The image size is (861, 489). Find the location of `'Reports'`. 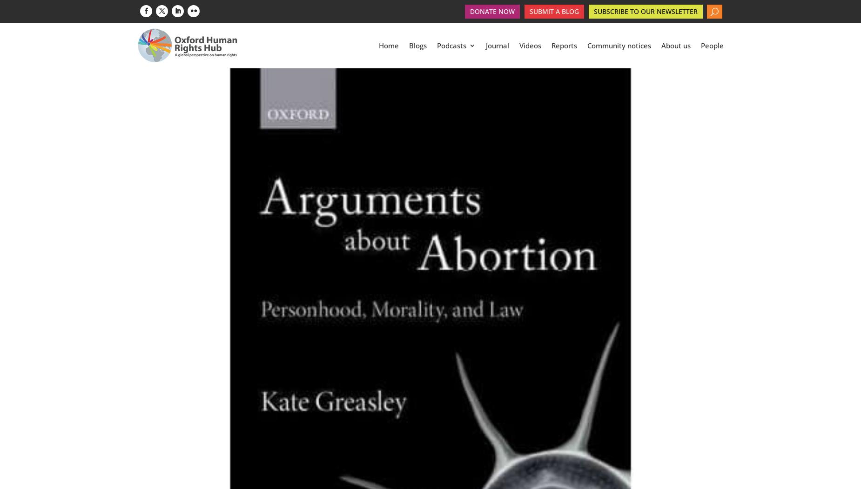

'Reports' is located at coordinates (564, 46).